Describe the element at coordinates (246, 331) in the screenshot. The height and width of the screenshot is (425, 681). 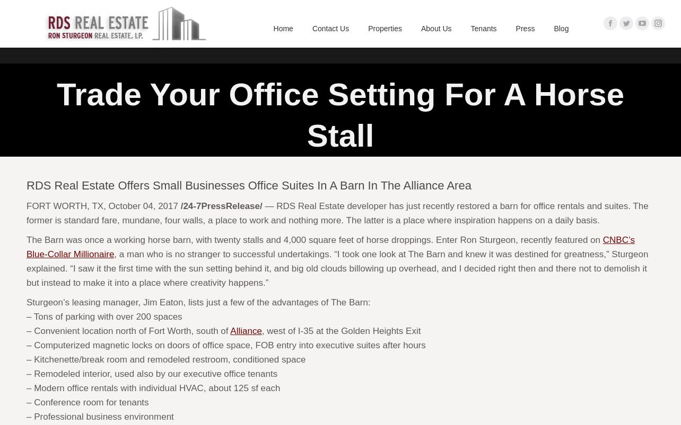
I see `'Alliance'` at that location.